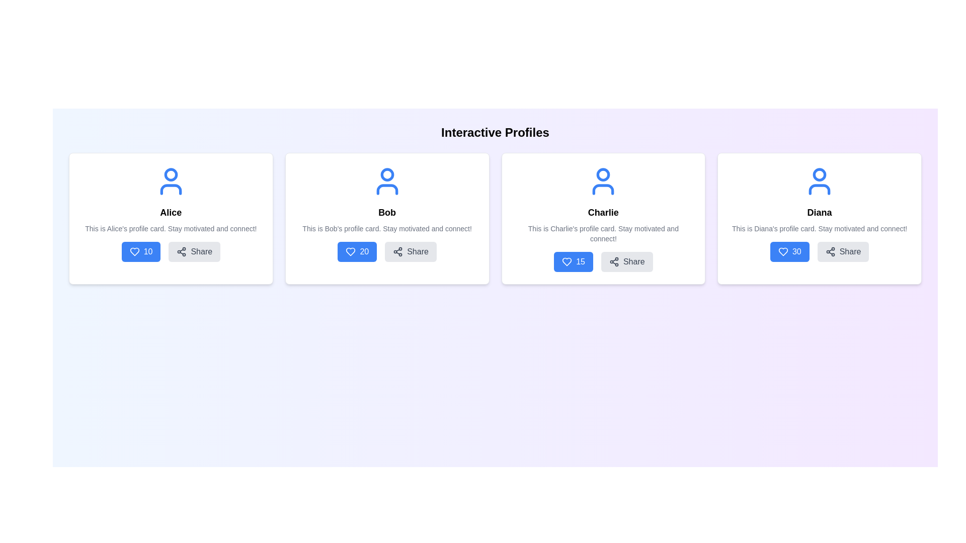 This screenshot has height=543, width=966. What do you see at coordinates (796, 251) in the screenshot?
I see `the text label indicating the count of likes within the blue button on the fourth profile card labeled 'Diana', located to the right of the heart icon` at bounding box center [796, 251].